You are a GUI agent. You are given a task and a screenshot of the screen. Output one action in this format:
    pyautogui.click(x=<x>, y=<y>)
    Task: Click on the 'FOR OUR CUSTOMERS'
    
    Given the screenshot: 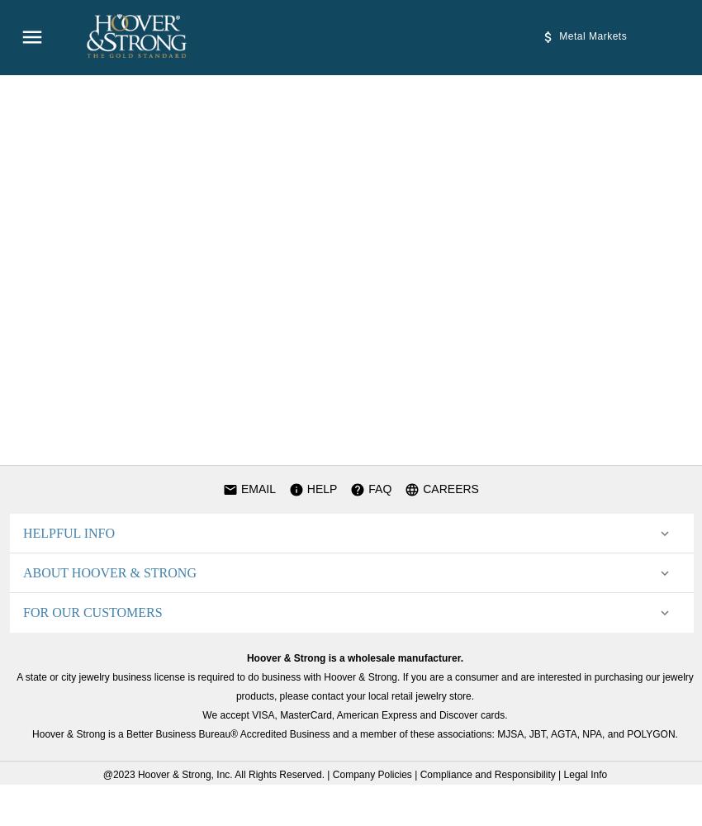 What is the action you would take?
    pyautogui.click(x=21, y=611)
    